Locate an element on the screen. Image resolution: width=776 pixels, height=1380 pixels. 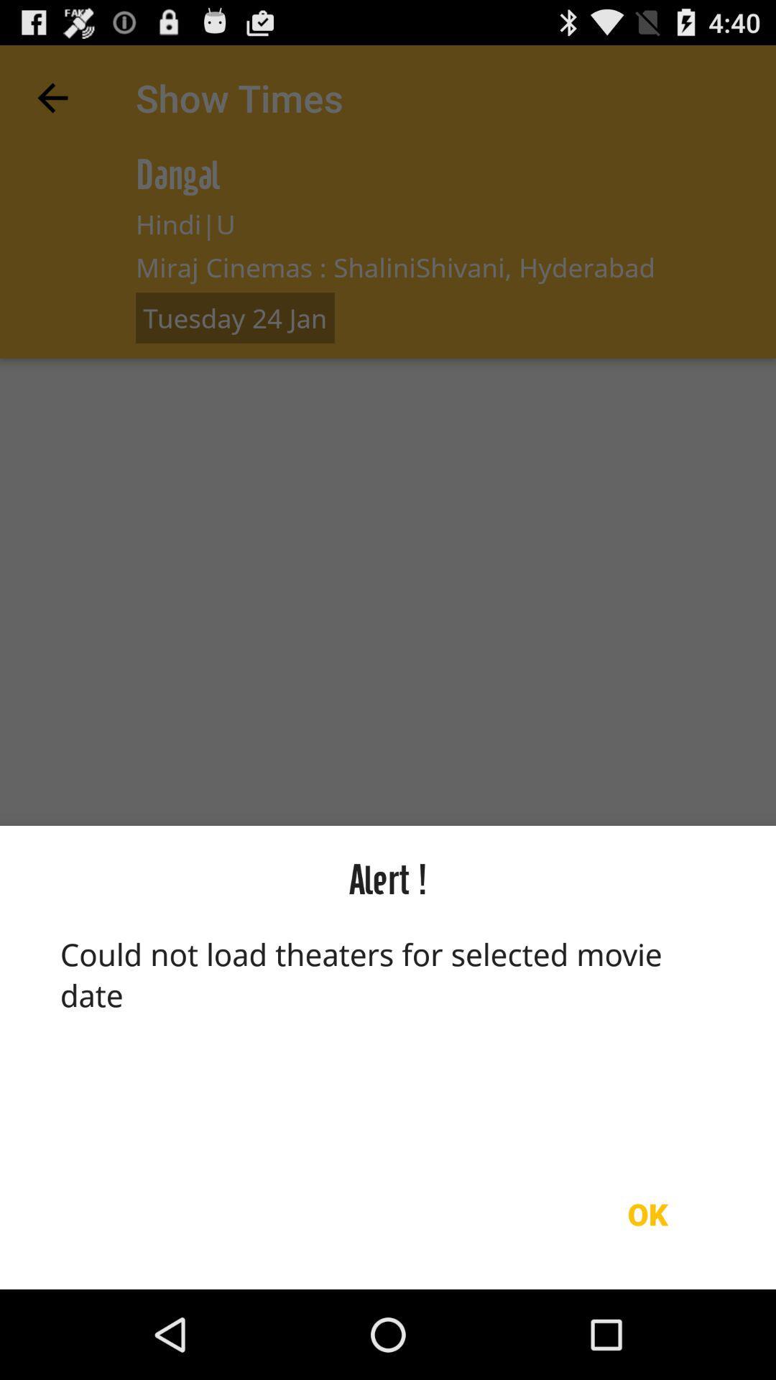
item below alert ! is located at coordinates (388, 1036).